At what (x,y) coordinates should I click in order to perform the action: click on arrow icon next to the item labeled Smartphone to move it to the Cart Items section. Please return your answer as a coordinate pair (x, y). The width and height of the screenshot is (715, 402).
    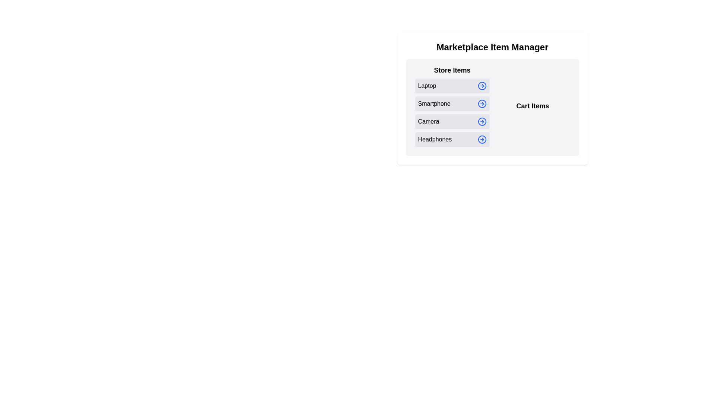
    Looking at the image, I should click on (482, 103).